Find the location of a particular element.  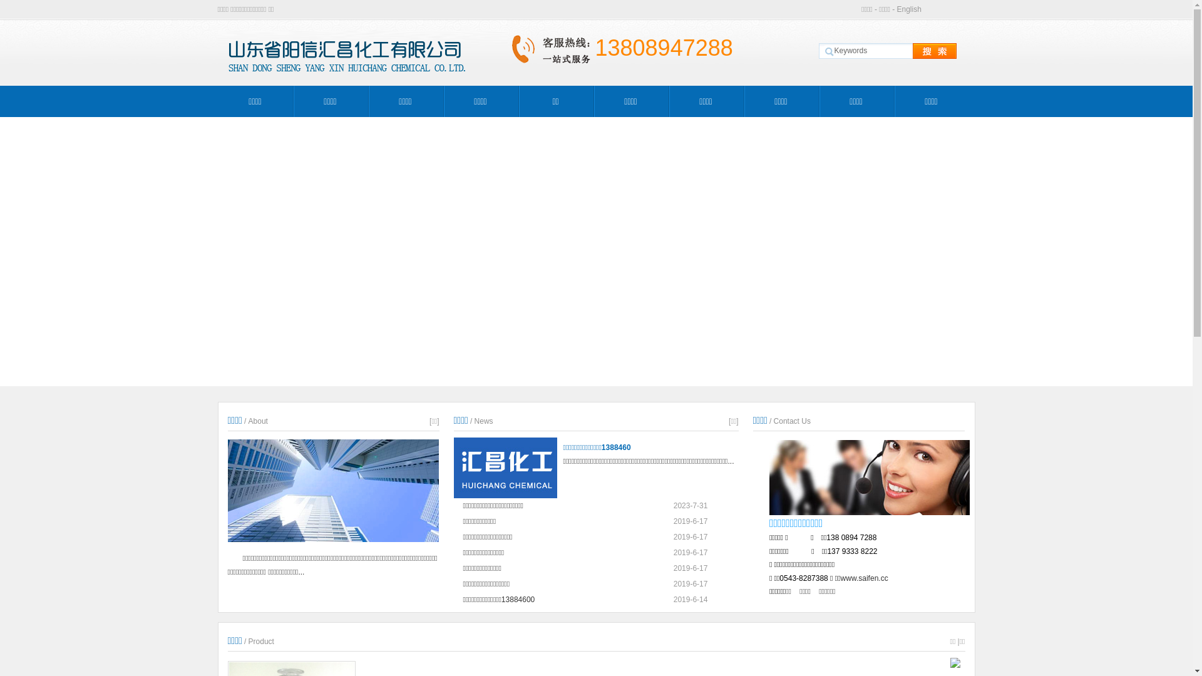

'English' is located at coordinates (909, 9).